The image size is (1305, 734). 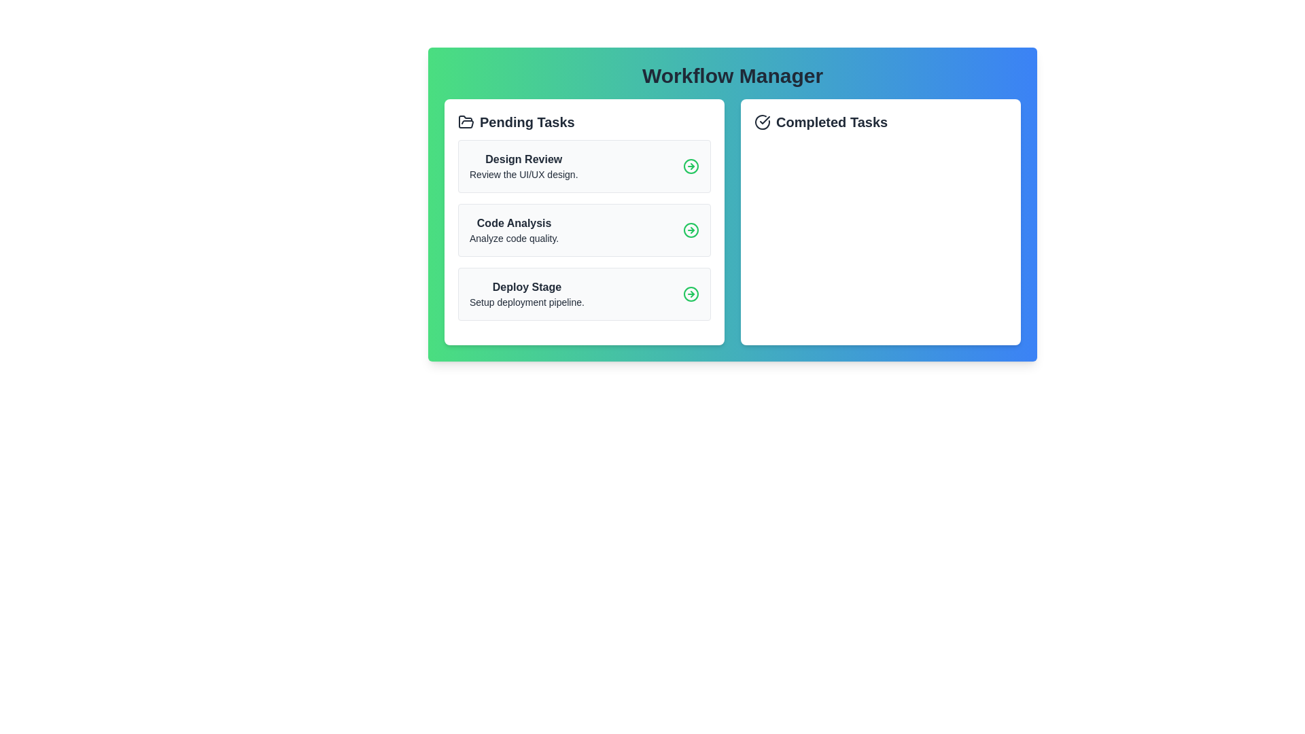 What do you see at coordinates (523, 166) in the screenshot?
I see `text content of the Text Block labeled 'Design Review' which is the first item under 'Pending Tasks'` at bounding box center [523, 166].